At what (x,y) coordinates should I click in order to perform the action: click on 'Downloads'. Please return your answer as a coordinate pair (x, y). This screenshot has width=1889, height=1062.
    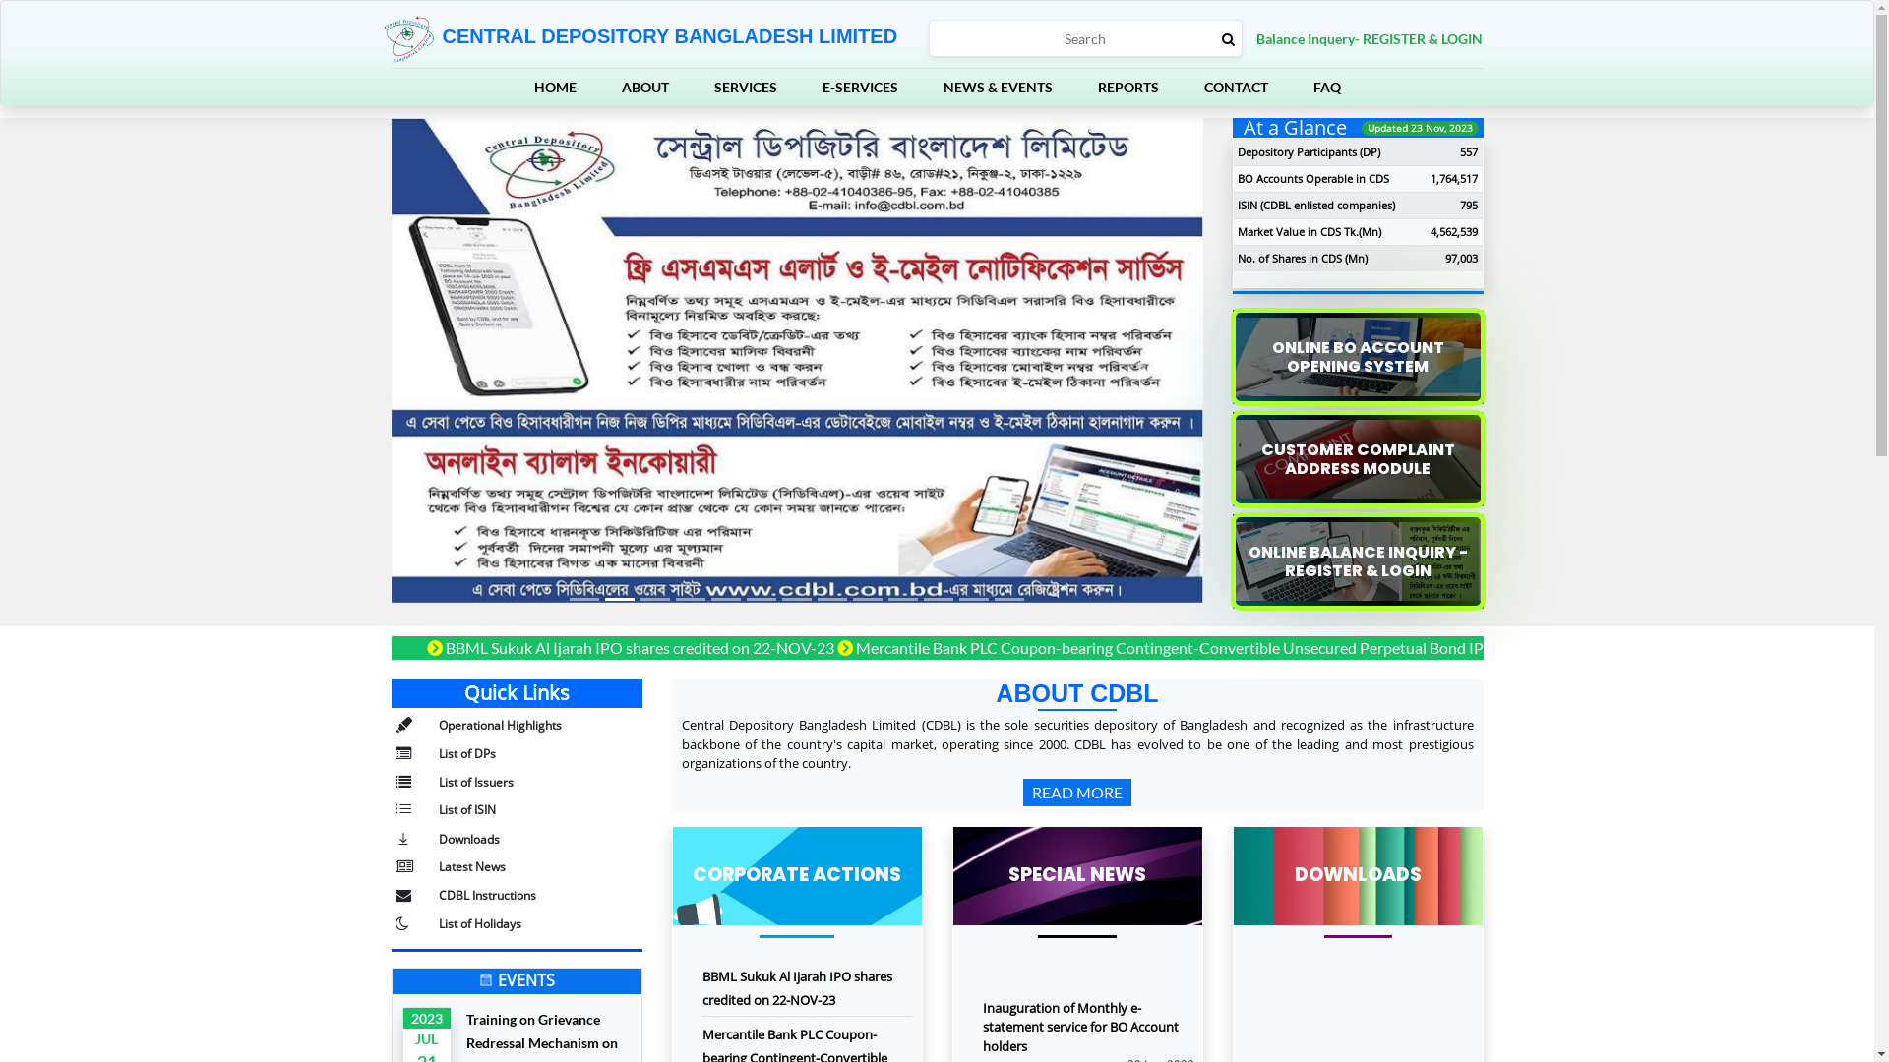
    Looking at the image, I should click on (467, 839).